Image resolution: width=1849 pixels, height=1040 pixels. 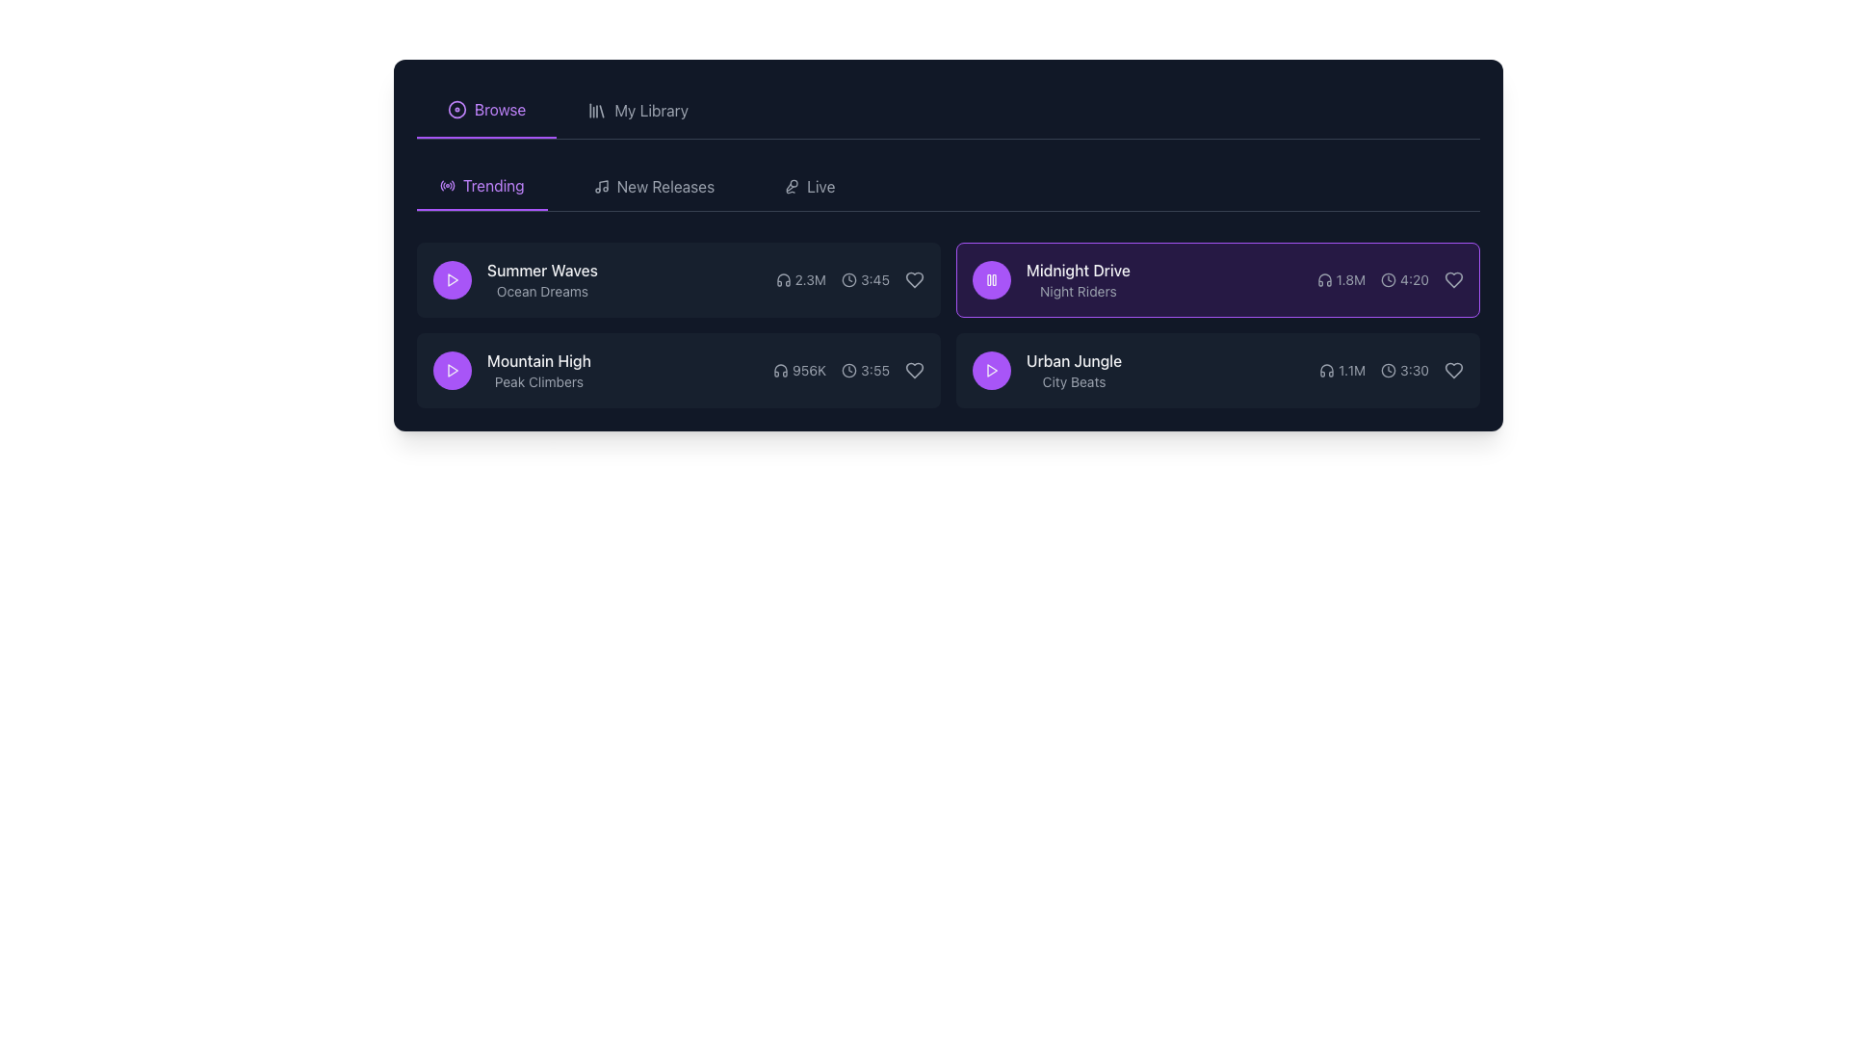 What do you see at coordinates (1077, 292) in the screenshot?
I see `displayed text label located beneath the main title 'Midnight Drive' within the card` at bounding box center [1077, 292].